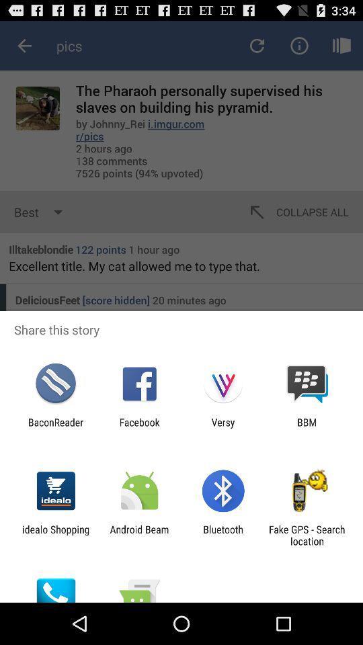 Image resolution: width=363 pixels, height=645 pixels. What do you see at coordinates (223, 427) in the screenshot?
I see `versy app` at bounding box center [223, 427].